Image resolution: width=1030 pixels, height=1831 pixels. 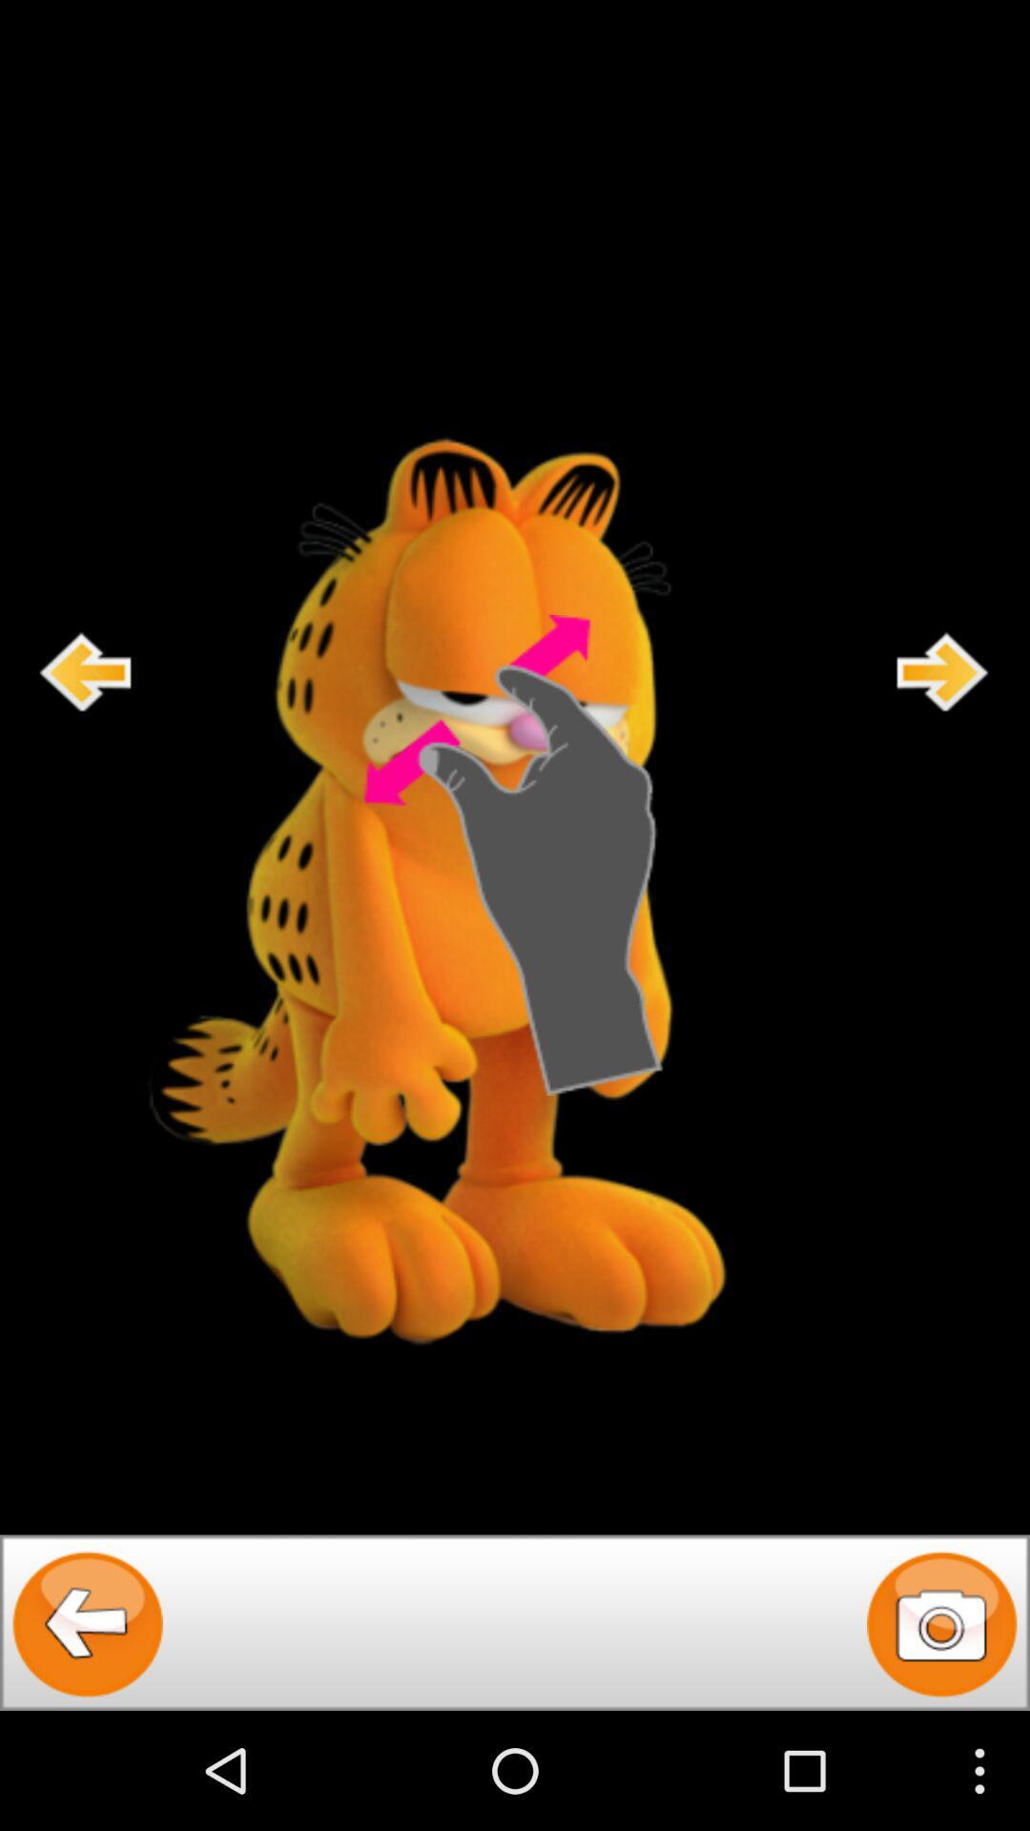 What do you see at coordinates (942, 671) in the screenshot?
I see `foward` at bounding box center [942, 671].